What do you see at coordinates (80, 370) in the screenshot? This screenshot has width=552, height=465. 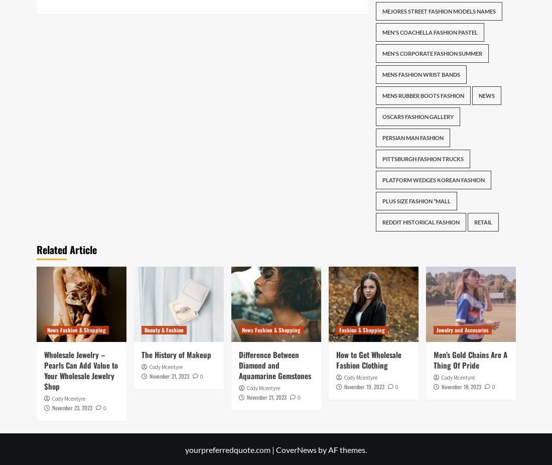 I see `'Wholesale Jewelry – Pearls Can Add Value to Your Wholesale Jewelry Shop'` at bounding box center [80, 370].